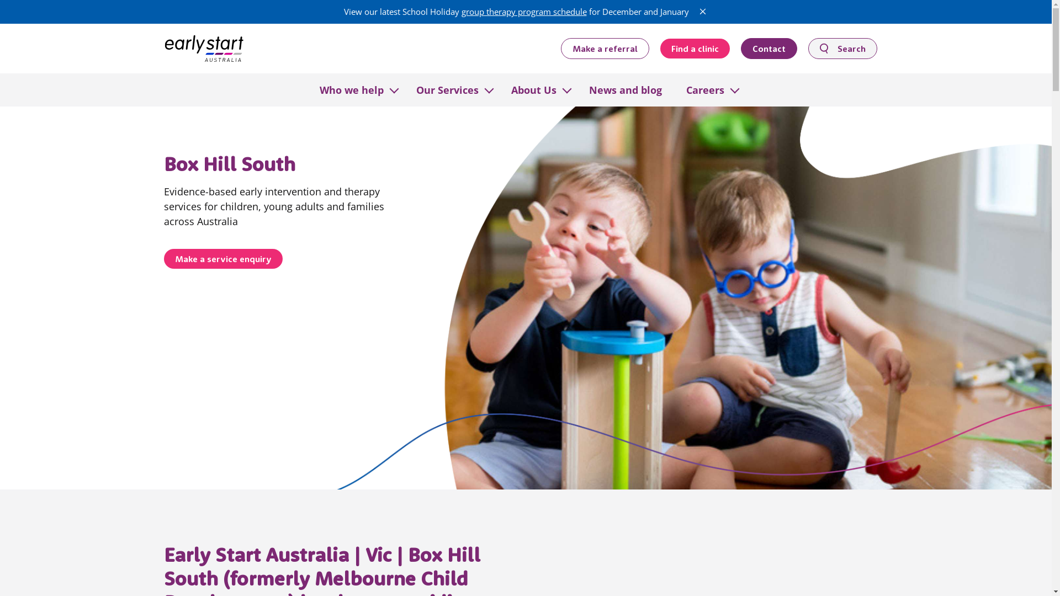  What do you see at coordinates (533, 89) in the screenshot?
I see `'About Us'` at bounding box center [533, 89].